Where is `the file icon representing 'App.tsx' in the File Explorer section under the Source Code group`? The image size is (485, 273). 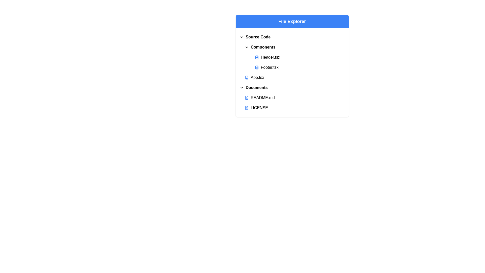
the file icon representing 'App.tsx' in the File Explorer section under the Source Code group is located at coordinates (247, 78).